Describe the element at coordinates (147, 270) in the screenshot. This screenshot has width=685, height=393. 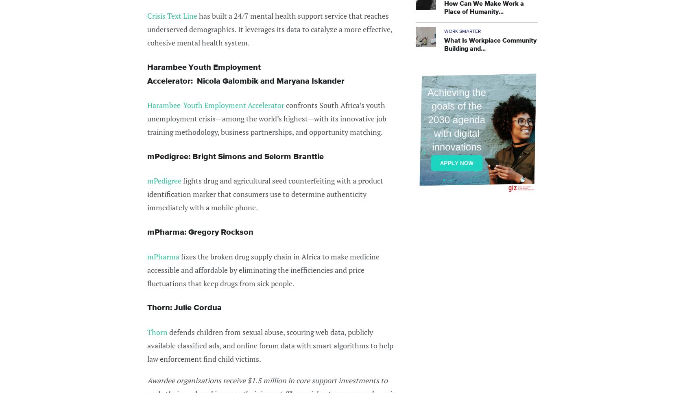
I see `'fixes the broken drug supply chain in Africa to make medicine accessible and affordable by eliminating the inefficiencies and price fluctuations that keep drugs from sick people.'` at that location.